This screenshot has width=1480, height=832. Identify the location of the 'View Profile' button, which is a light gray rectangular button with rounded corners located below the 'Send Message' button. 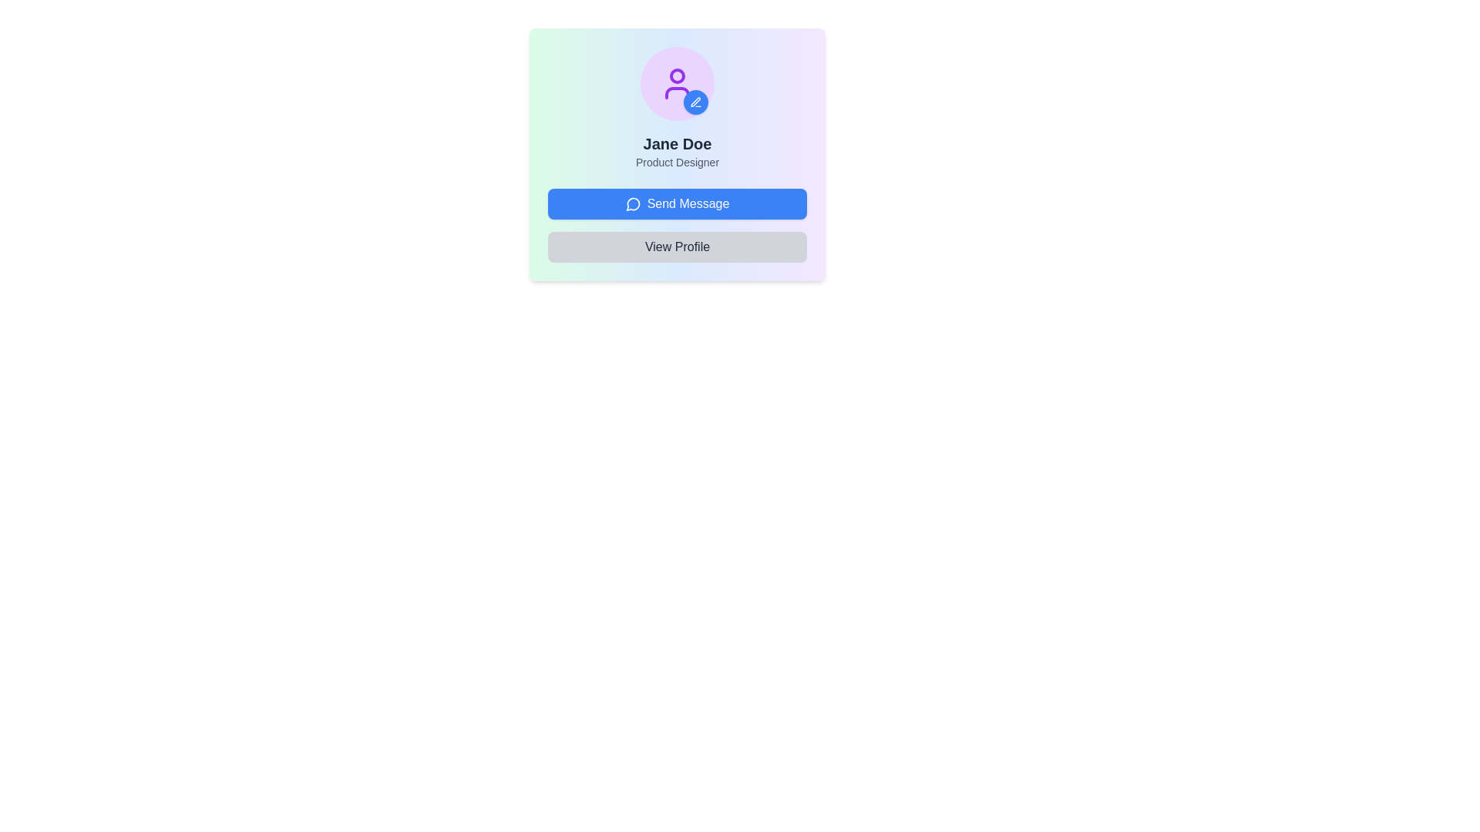
(677, 246).